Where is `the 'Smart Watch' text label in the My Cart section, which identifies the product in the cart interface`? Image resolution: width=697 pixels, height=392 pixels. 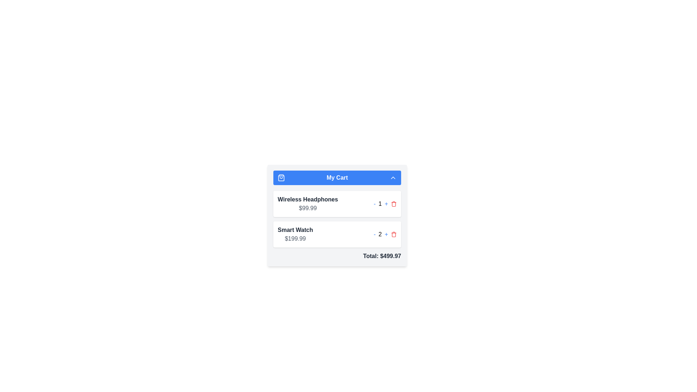 the 'Smart Watch' text label in the My Cart section, which identifies the product in the cart interface is located at coordinates (295, 230).